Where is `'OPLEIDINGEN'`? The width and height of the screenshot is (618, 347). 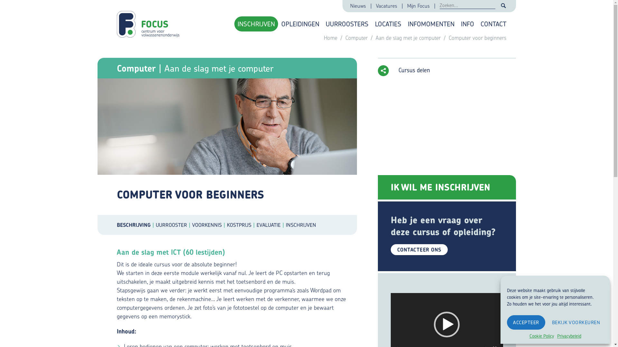 'OPLEIDINGEN' is located at coordinates (300, 23).